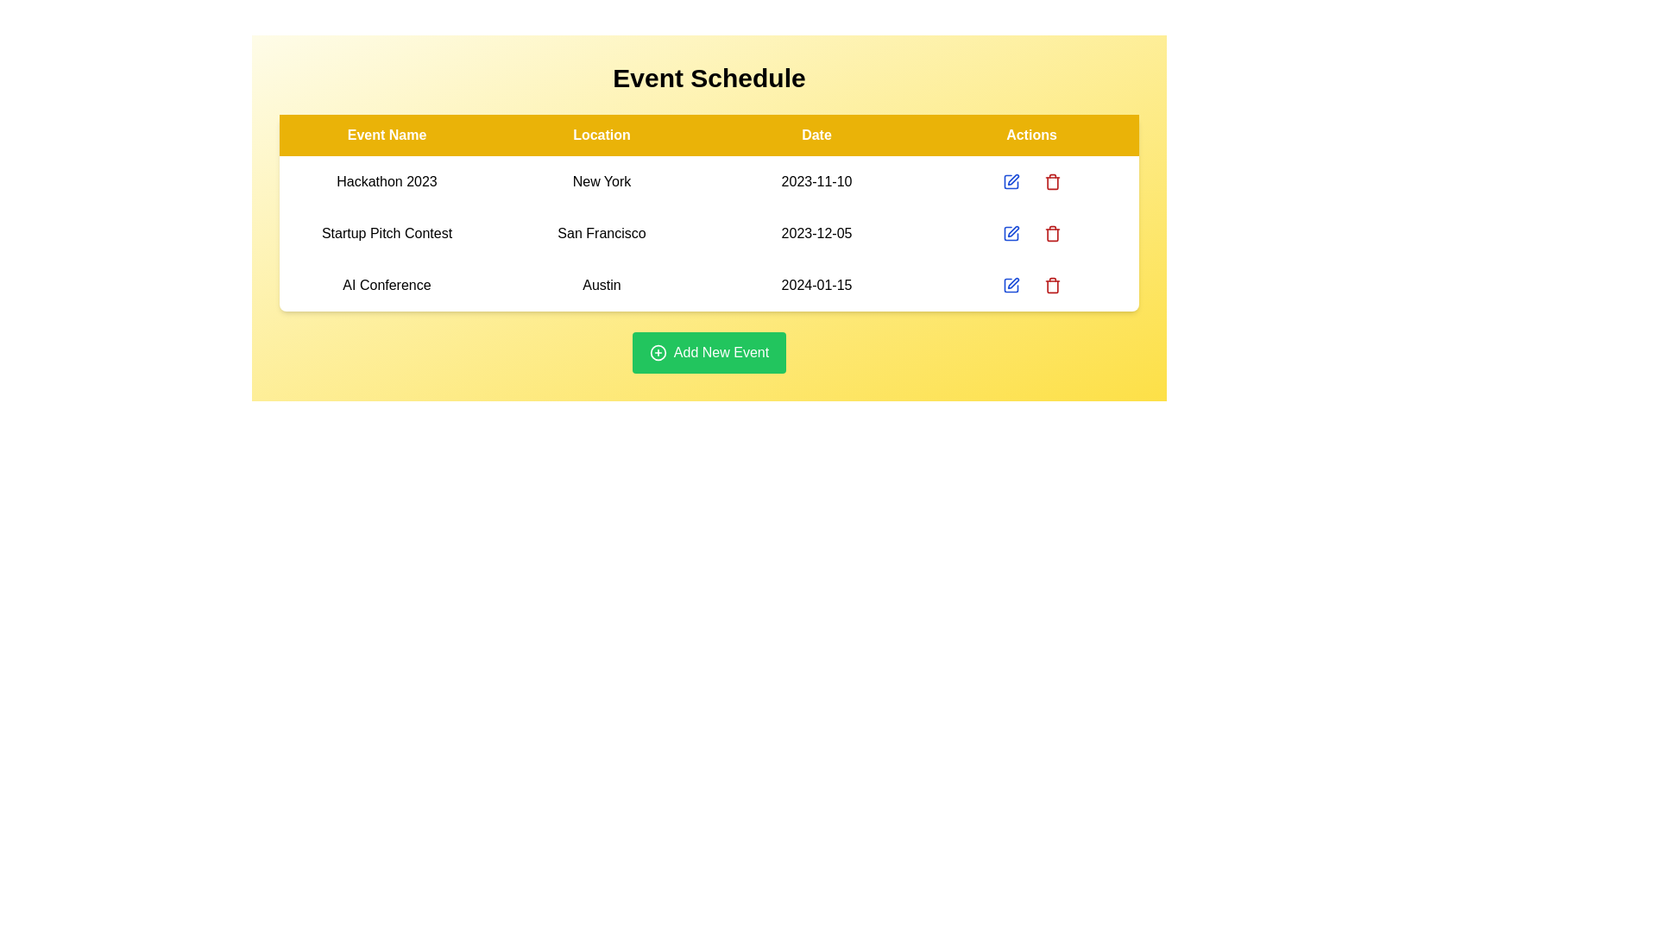 The width and height of the screenshot is (1657, 932). Describe the element at coordinates (386, 182) in the screenshot. I see `the row of the event named Hackathon 2023 to read its details` at that location.